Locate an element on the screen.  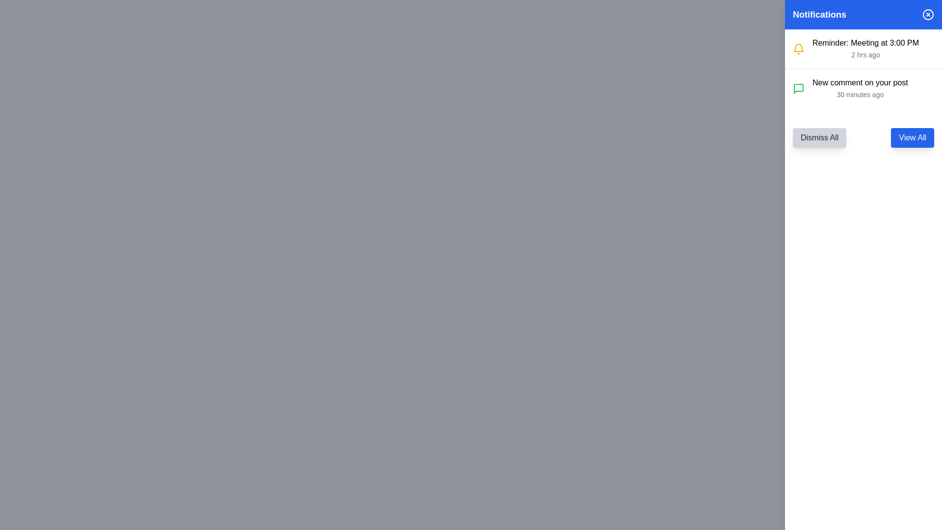
the bell icon with a yellow outline located in the top-right corner of the interface within the 'Notifications' blue header section is located at coordinates (798, 48).